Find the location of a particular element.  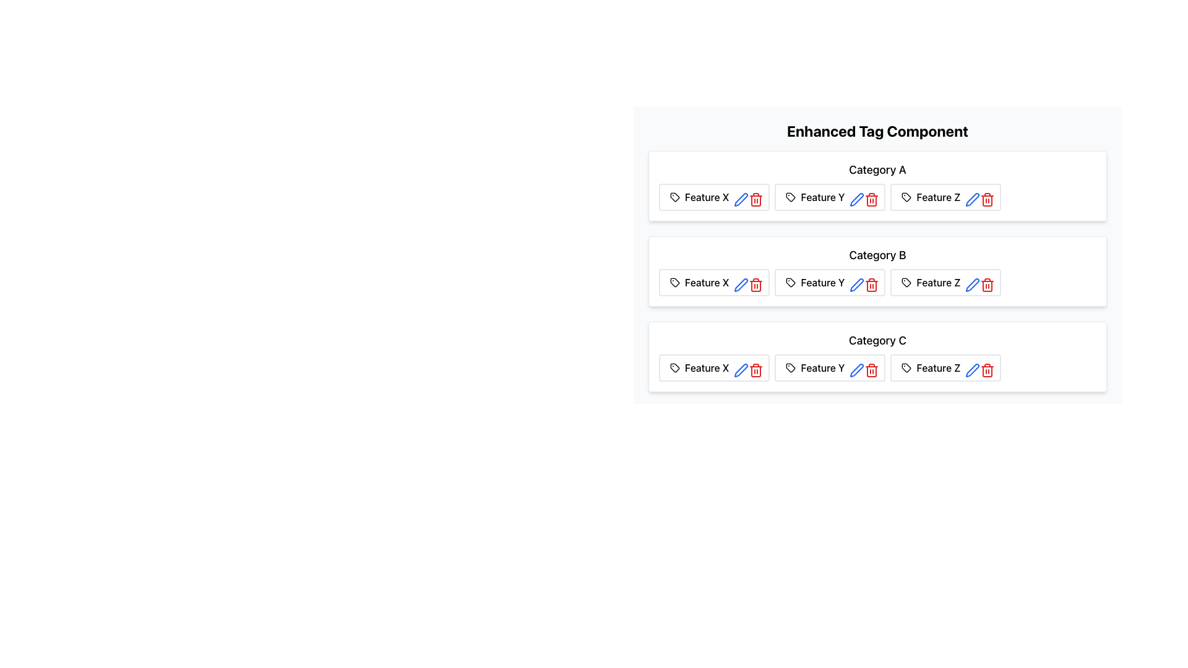

the first button labeled 'Feature X' in the second row of the 'Enhanced Tag Component' is located at coordinates (714, 282).